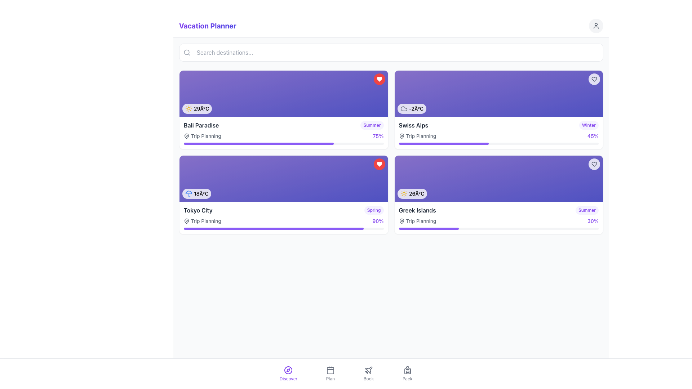 This screenshot has height=389, width=692. Describe the element at coordinates (407, 370) in the screenshot. I see `the 'Pack' icon located on the bottom navigation bar` at that location.